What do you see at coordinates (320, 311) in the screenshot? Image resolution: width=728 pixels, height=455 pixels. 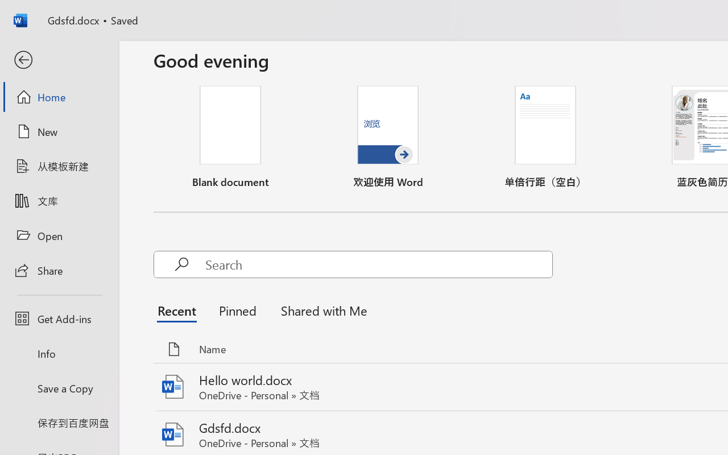 I see `'Shared with Me'` at bounding box center [320, 311].